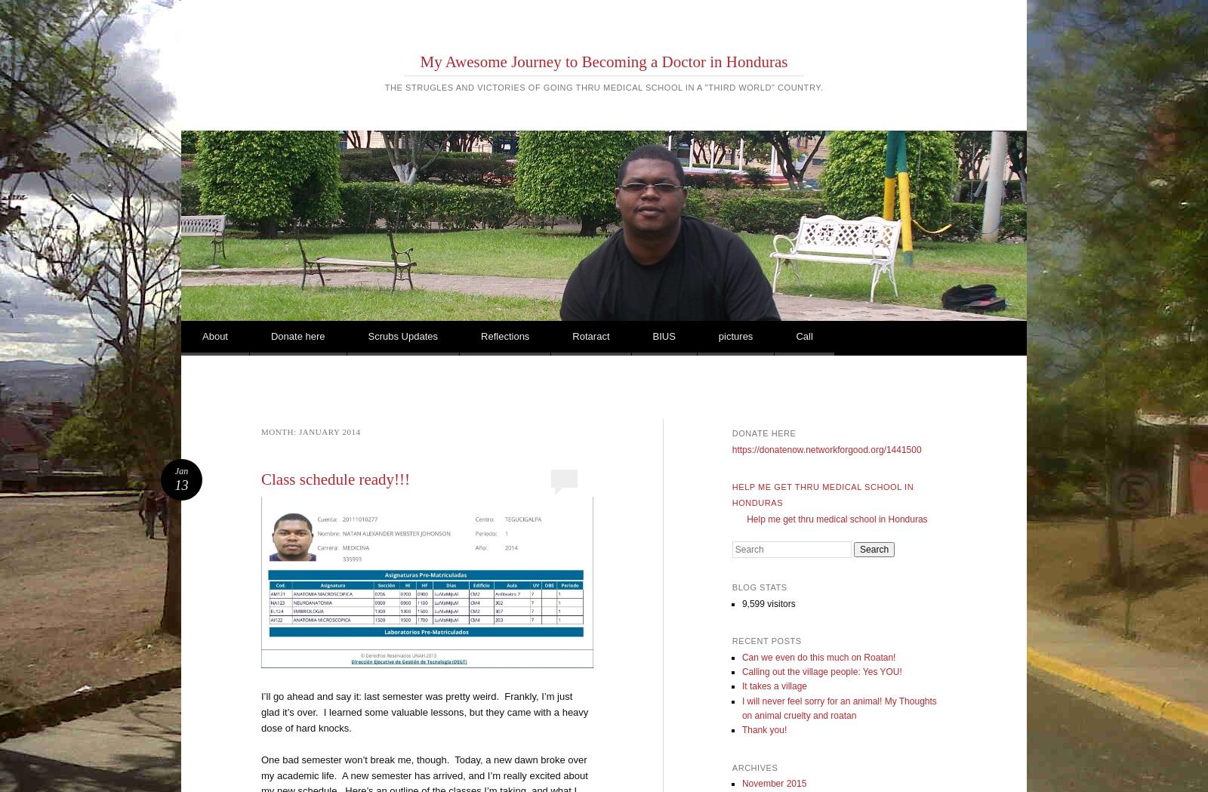  What do you see at coordinates (773, 685) in the screenshot?
I see `'It takes a village'` at bounding box center [773, 685].